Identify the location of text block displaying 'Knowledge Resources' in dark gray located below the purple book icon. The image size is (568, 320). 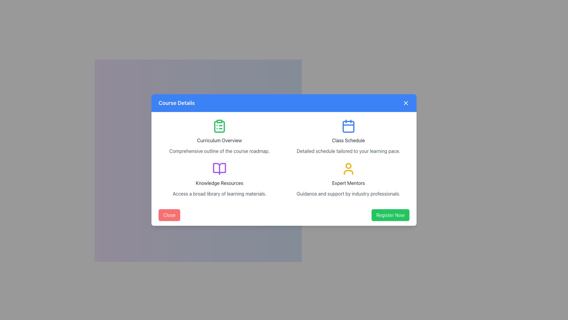
(219, 183).